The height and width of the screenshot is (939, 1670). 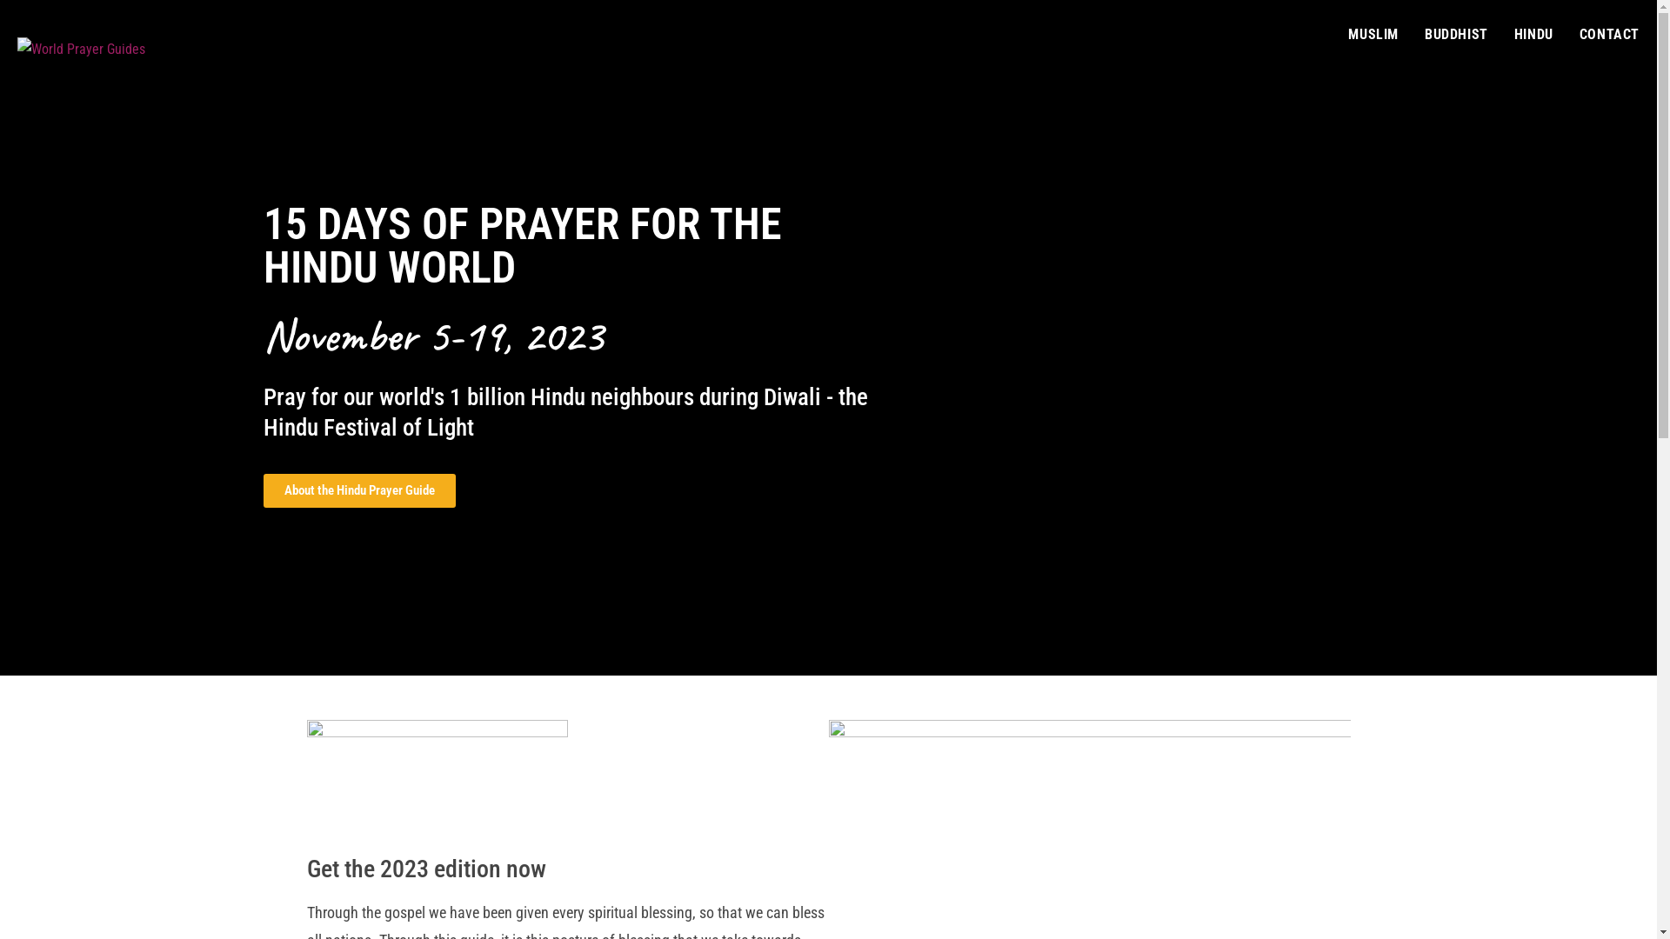 I want to click on 'MUSLIM', so click(x=1373, y=34).